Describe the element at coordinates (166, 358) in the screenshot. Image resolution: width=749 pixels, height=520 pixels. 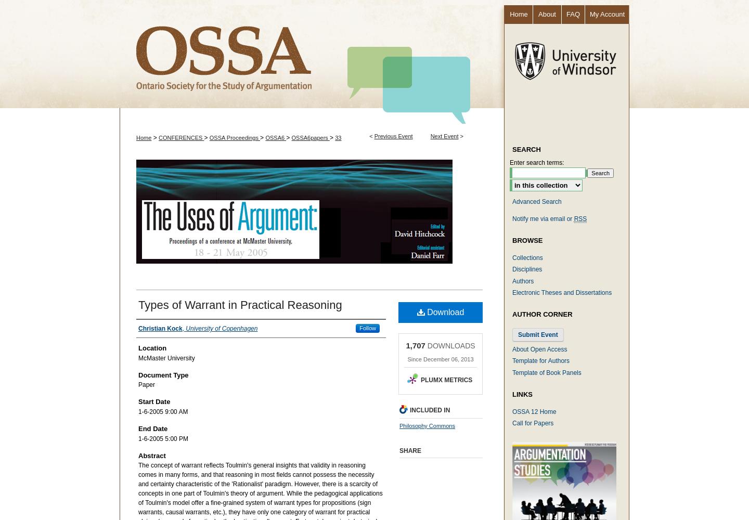
I see `'McMaster University'` at that location.